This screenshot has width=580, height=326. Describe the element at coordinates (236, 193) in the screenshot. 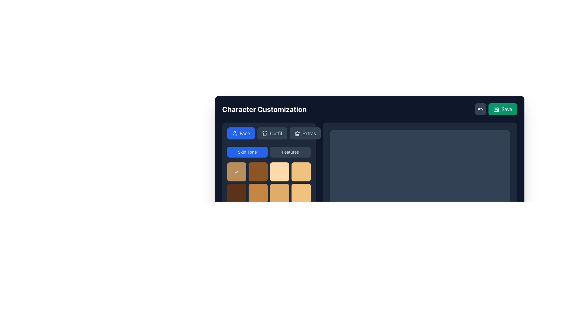

I see `the first selectable grid item under the 'Skin Tone' section in the 'Character Customization' interface` at that location.